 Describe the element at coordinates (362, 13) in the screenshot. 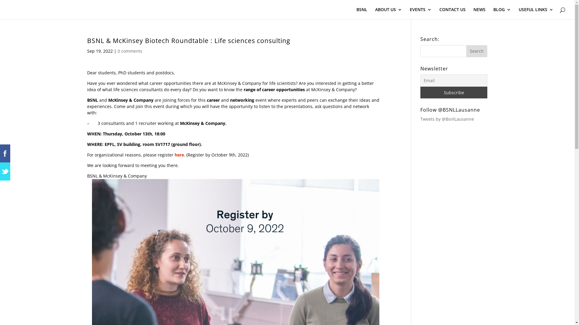

I see `'BSNL'` at that location.